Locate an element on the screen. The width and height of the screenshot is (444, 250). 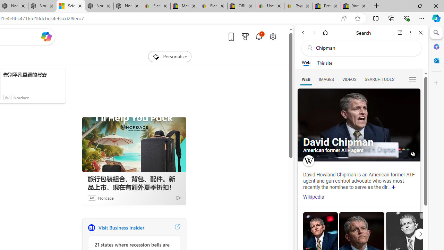
'WEB  ' is located at coordinates (306, 79).